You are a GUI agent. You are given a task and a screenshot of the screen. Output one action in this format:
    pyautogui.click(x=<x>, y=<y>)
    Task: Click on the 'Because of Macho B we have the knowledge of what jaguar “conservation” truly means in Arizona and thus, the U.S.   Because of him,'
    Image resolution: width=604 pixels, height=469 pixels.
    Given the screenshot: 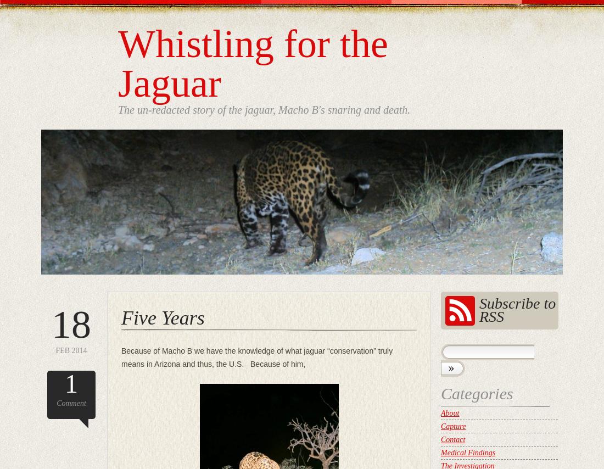 What is the action you would take?
    pyautogui.click(x=256, y=358)
    